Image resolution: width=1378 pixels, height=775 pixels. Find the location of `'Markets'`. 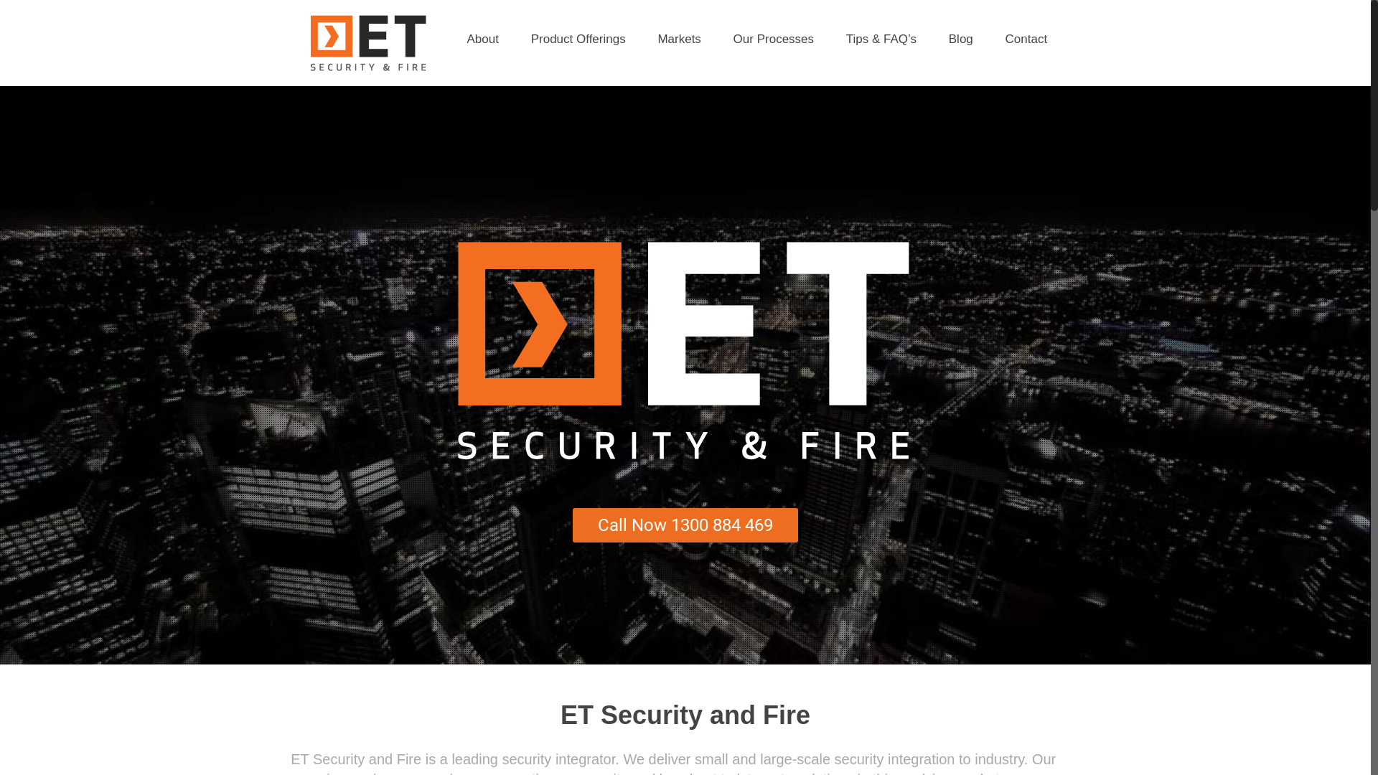

'Markets' is located at coordinates (642, 38).